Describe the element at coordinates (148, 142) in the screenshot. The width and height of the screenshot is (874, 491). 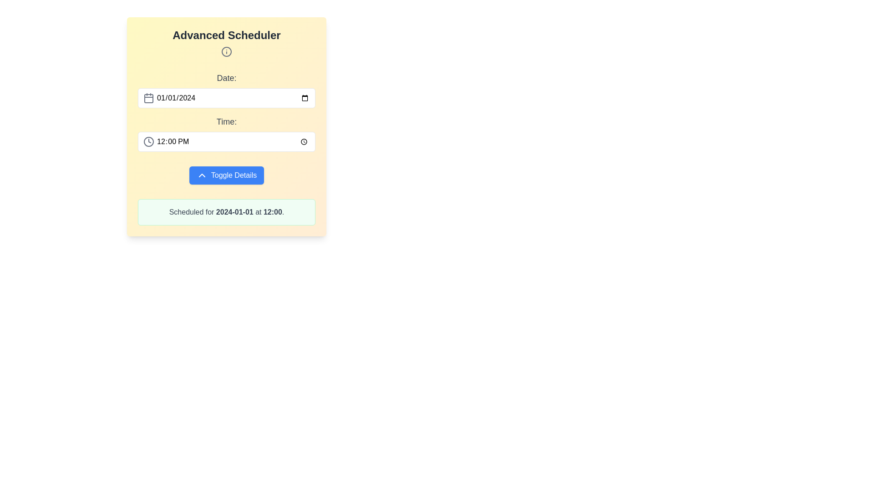
I see `the time selection icon located to the left of the '12:00 PM' input field` at that location.